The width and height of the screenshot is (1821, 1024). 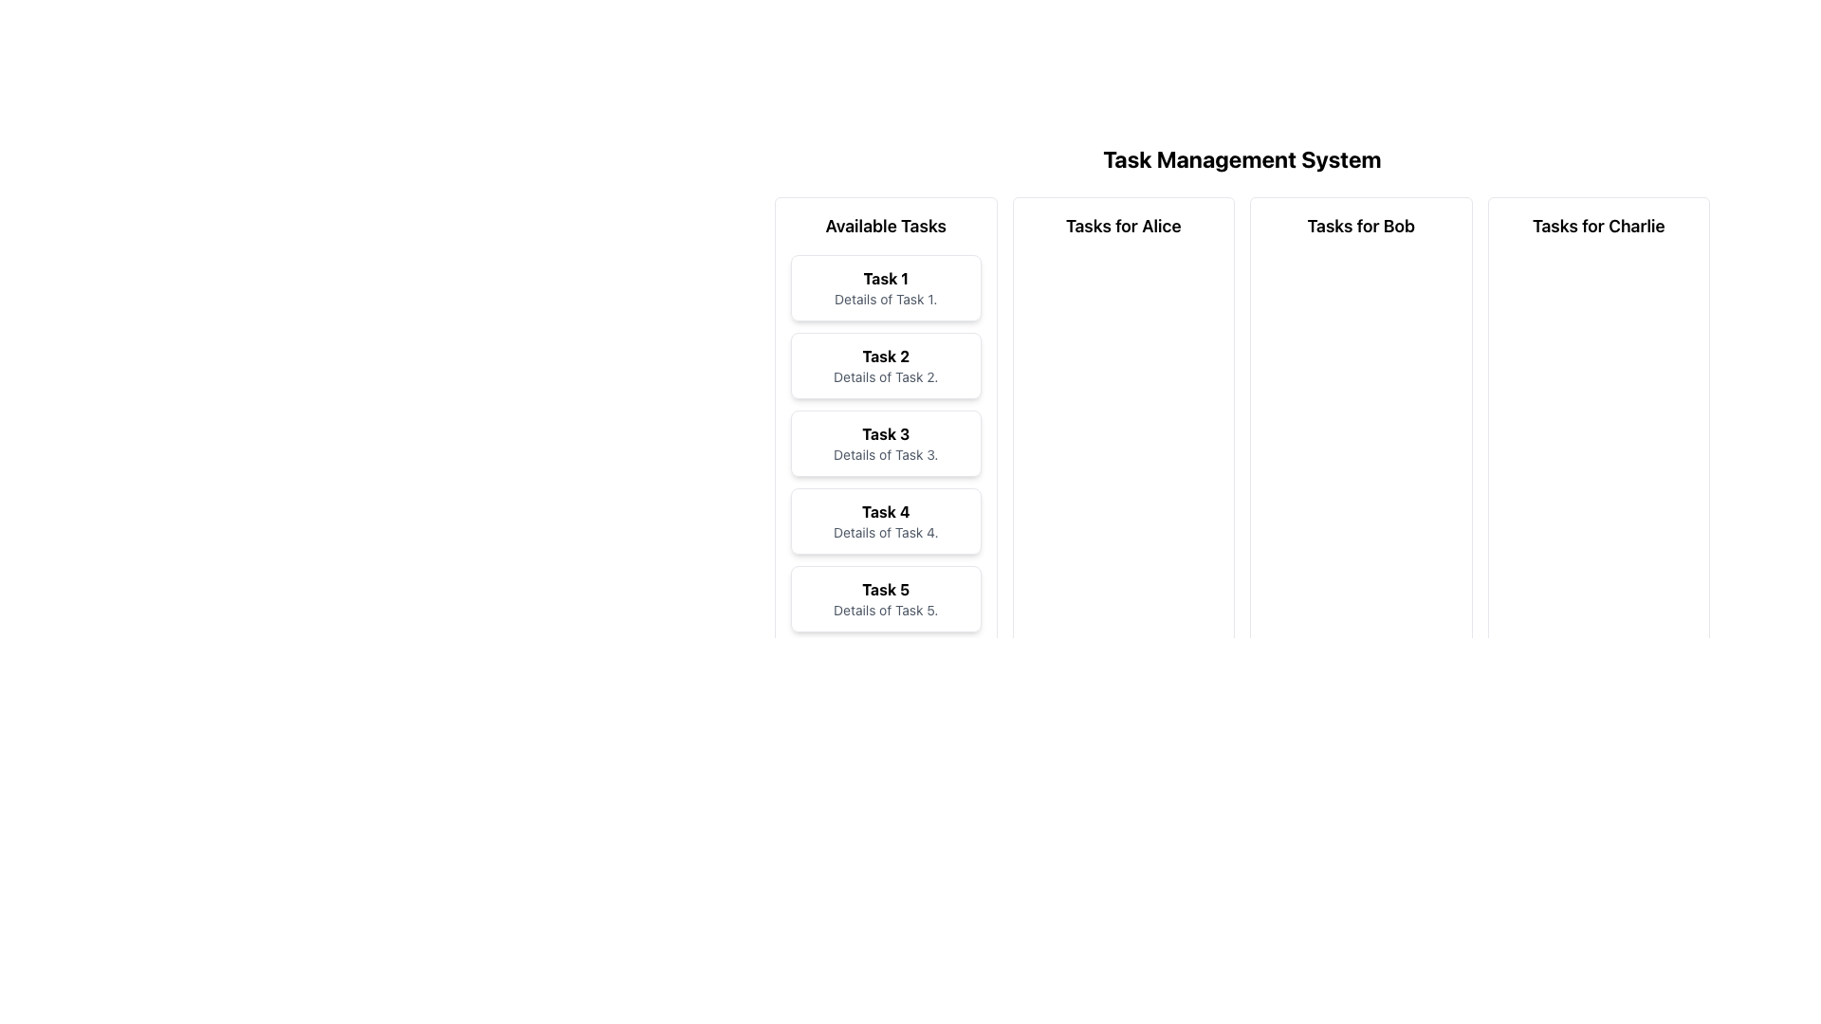 I want to click on the static text label displaying 'Tasks for Alice', which is centrally aligned at the top of the bordered panel, so click(x=1123, y=226).